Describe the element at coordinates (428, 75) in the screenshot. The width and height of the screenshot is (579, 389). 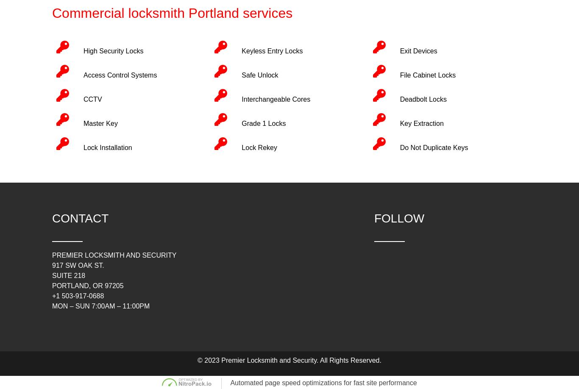
I see `'File Cabinet Locks'` at that location.